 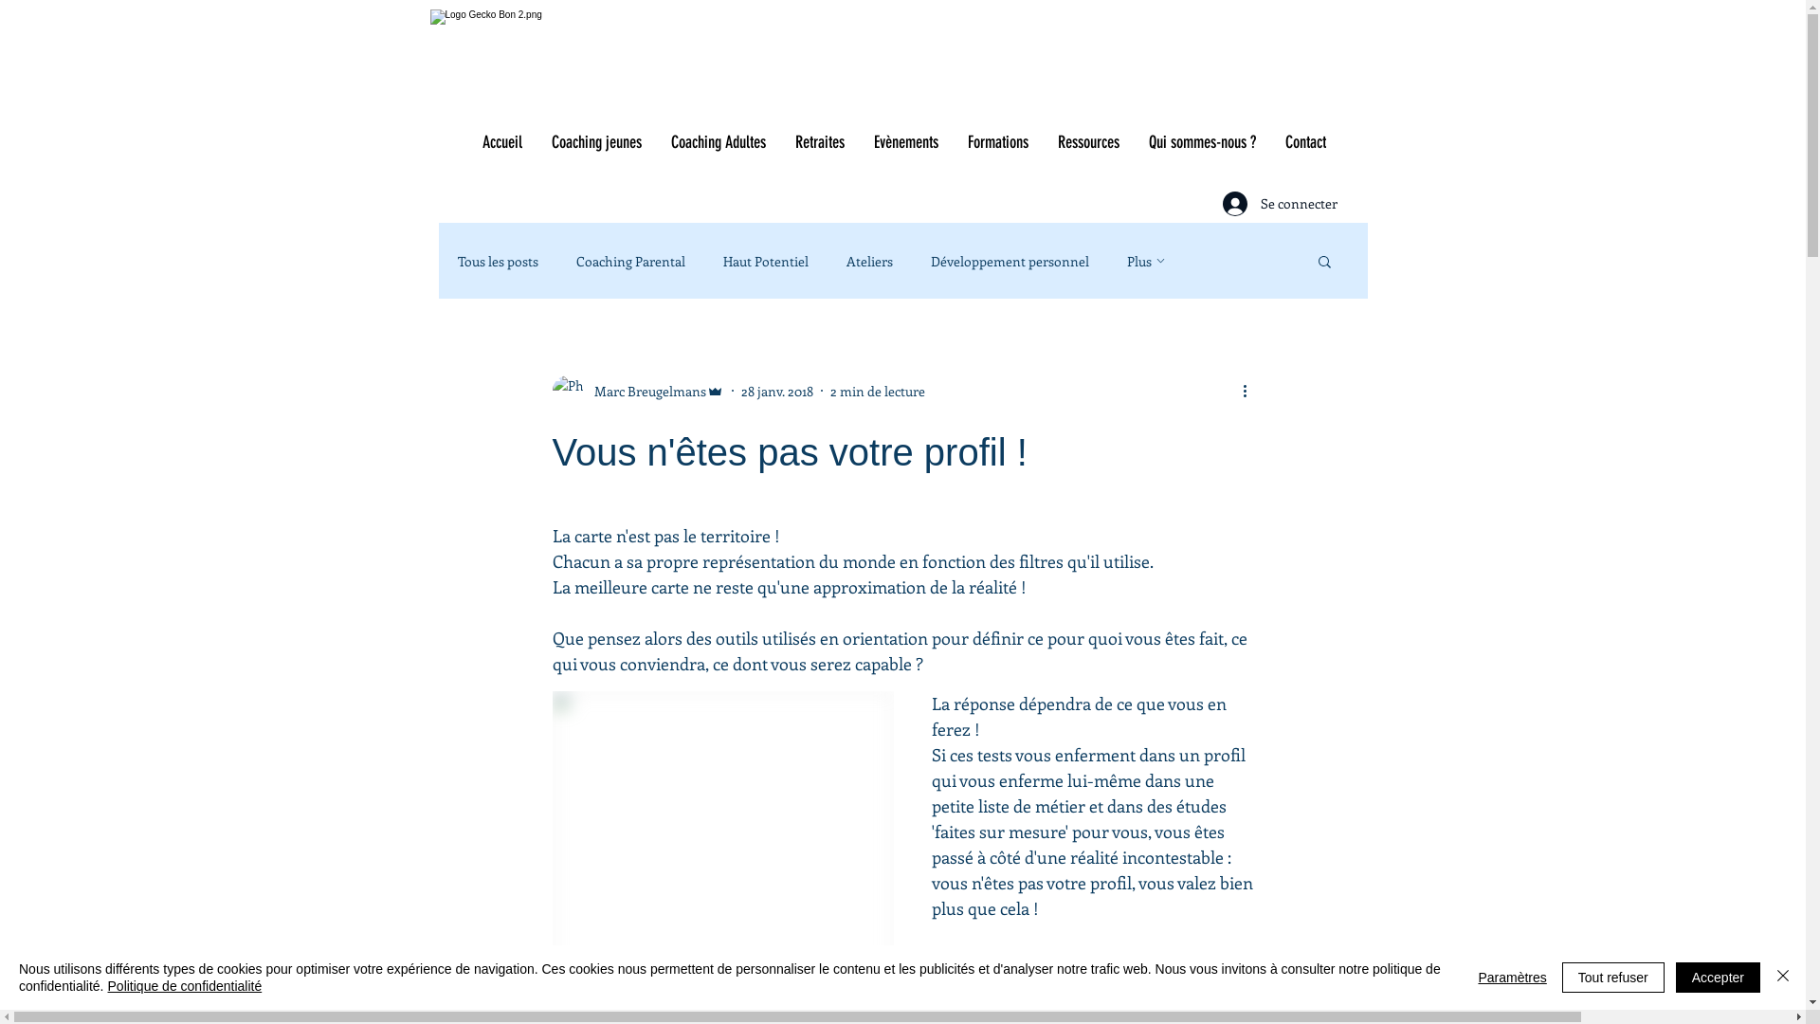 I want to click on 'Accueil', so click(x=500, y=141).